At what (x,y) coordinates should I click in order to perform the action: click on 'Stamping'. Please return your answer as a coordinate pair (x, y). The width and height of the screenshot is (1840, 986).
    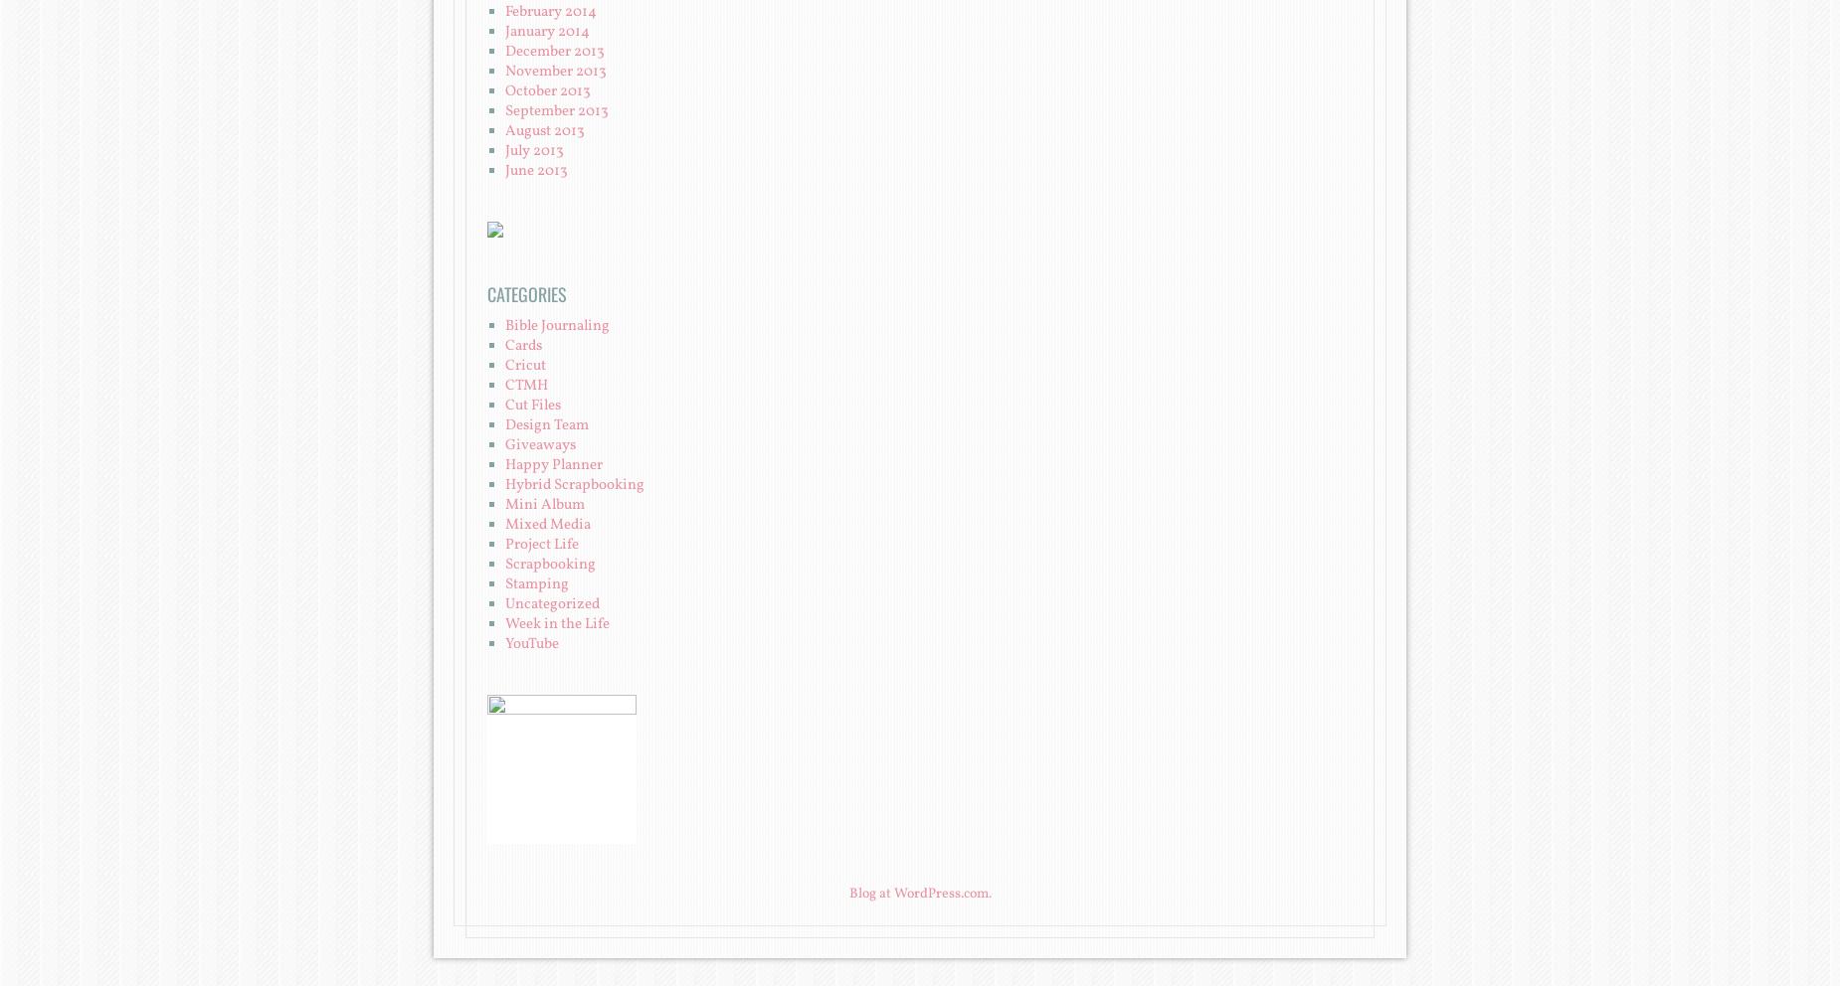
    Looking at the image, I should click on (505, 582).